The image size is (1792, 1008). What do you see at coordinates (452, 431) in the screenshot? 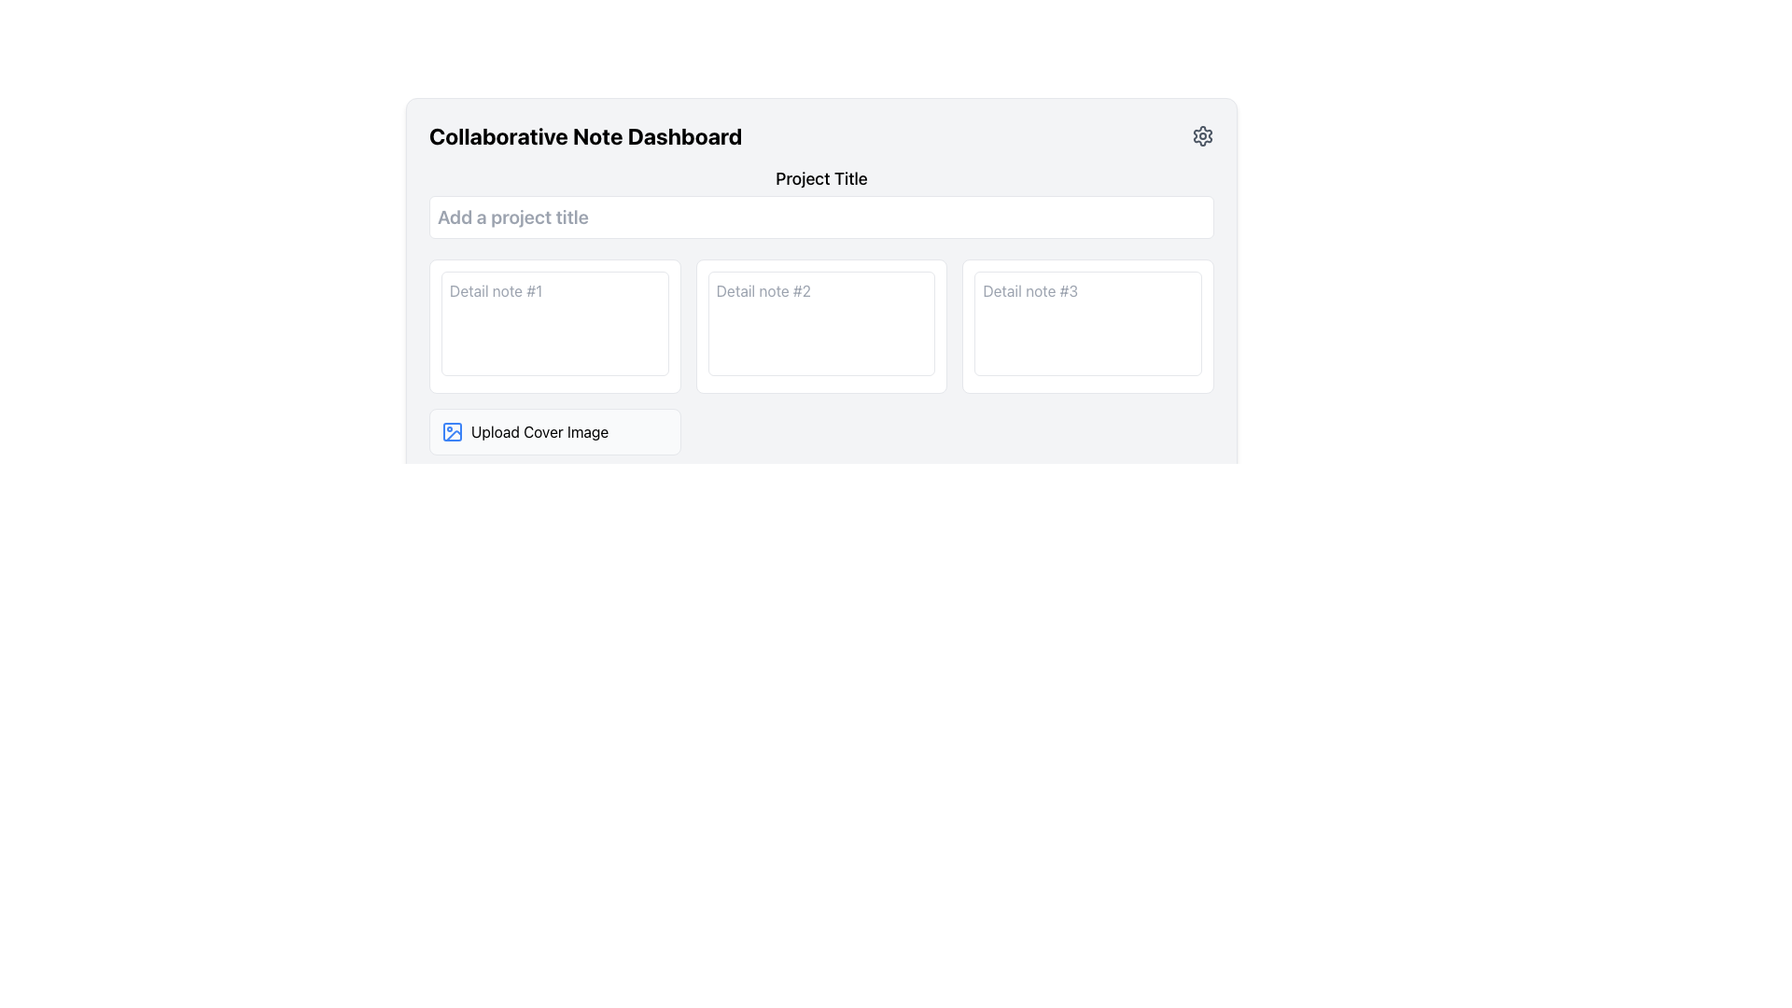
I see `the main rectangular frame of the image or photo-related UI component, located near the 'Upload Cover Image' button` at bounding box center [452, 431].